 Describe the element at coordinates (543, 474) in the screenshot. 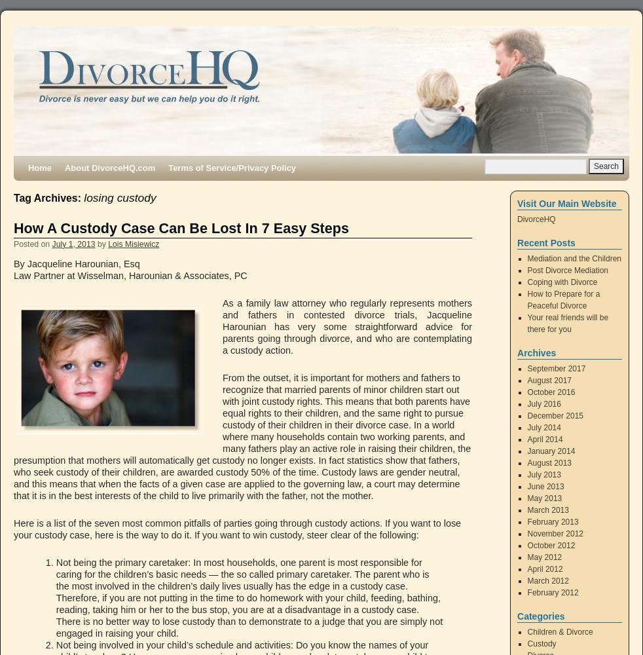

I see `'July 2013'` at that location.